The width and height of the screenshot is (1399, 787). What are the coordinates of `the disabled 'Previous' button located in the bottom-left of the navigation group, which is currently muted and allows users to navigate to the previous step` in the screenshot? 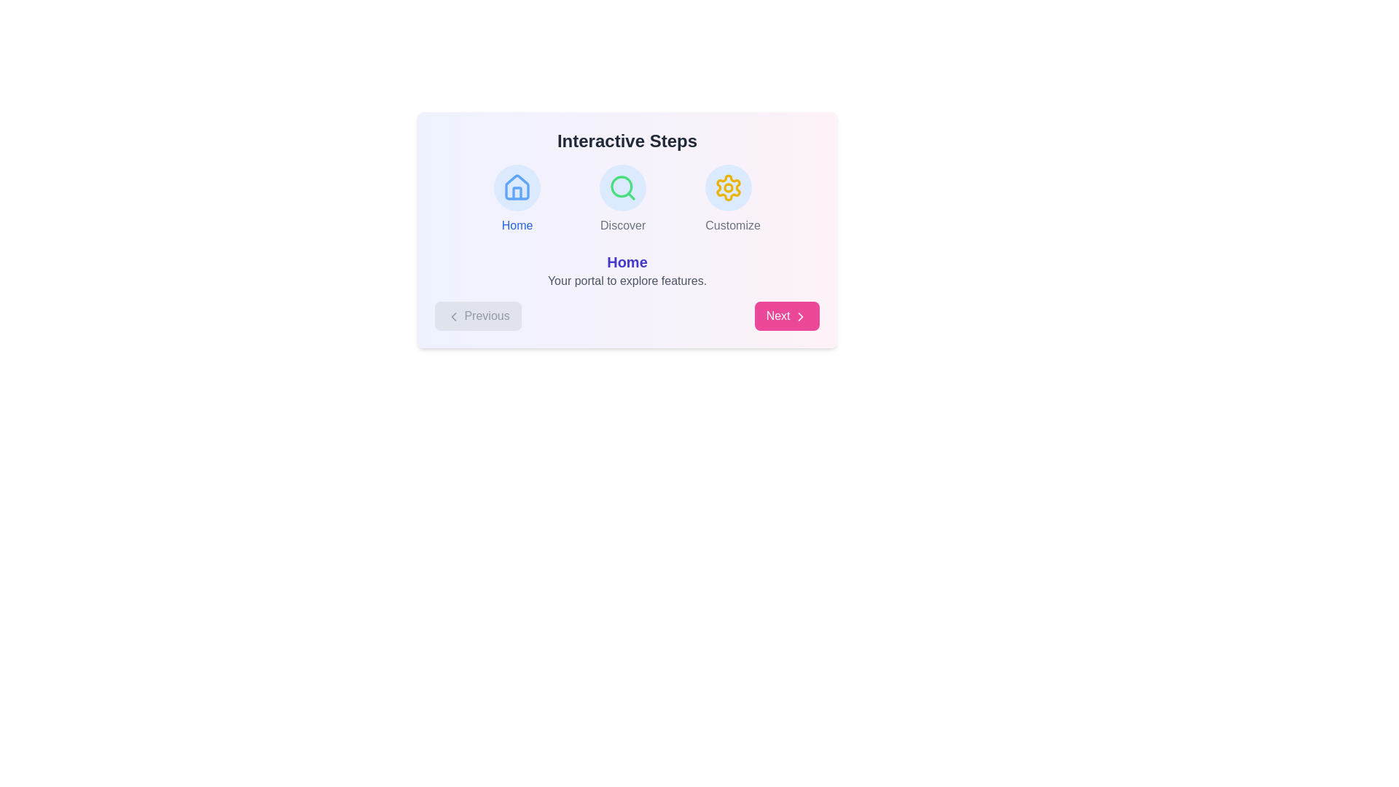 It's located at (478, 316).